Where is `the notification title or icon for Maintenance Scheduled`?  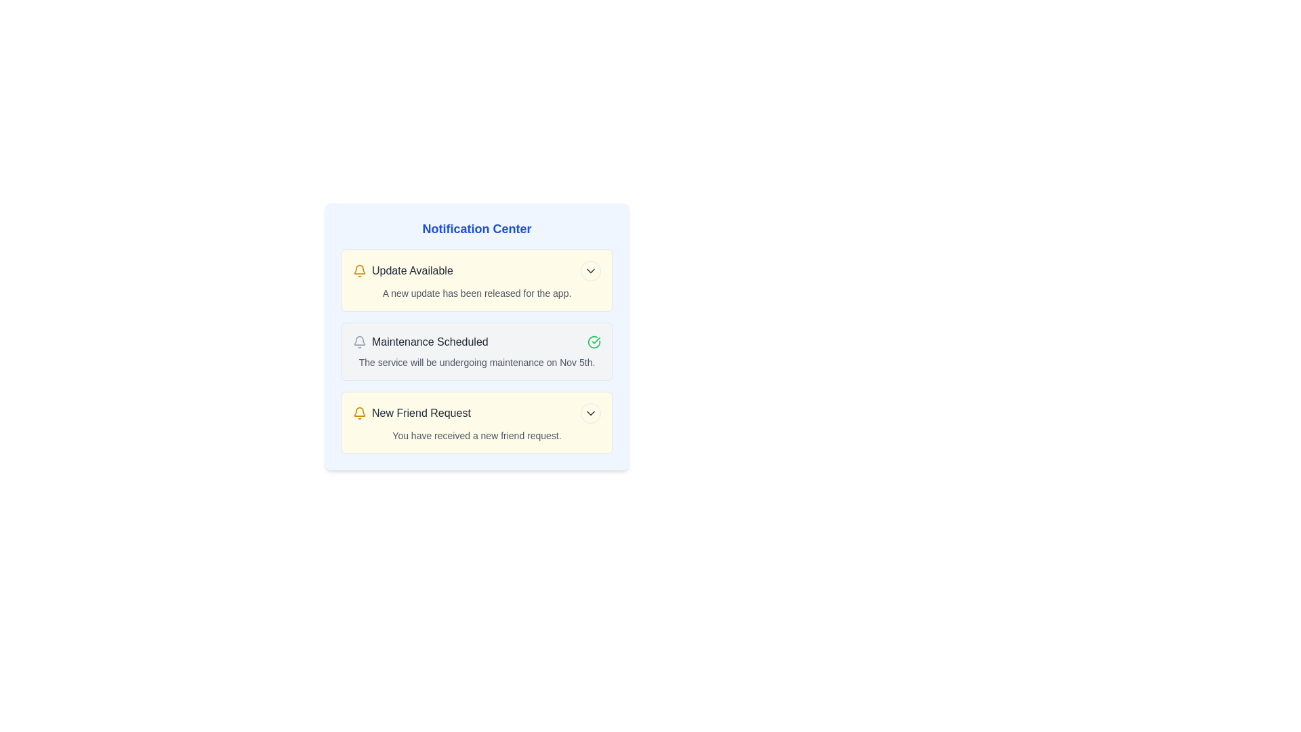
the notification title or icon for Maintenance Scheduled is located at coordinates (360, 342).